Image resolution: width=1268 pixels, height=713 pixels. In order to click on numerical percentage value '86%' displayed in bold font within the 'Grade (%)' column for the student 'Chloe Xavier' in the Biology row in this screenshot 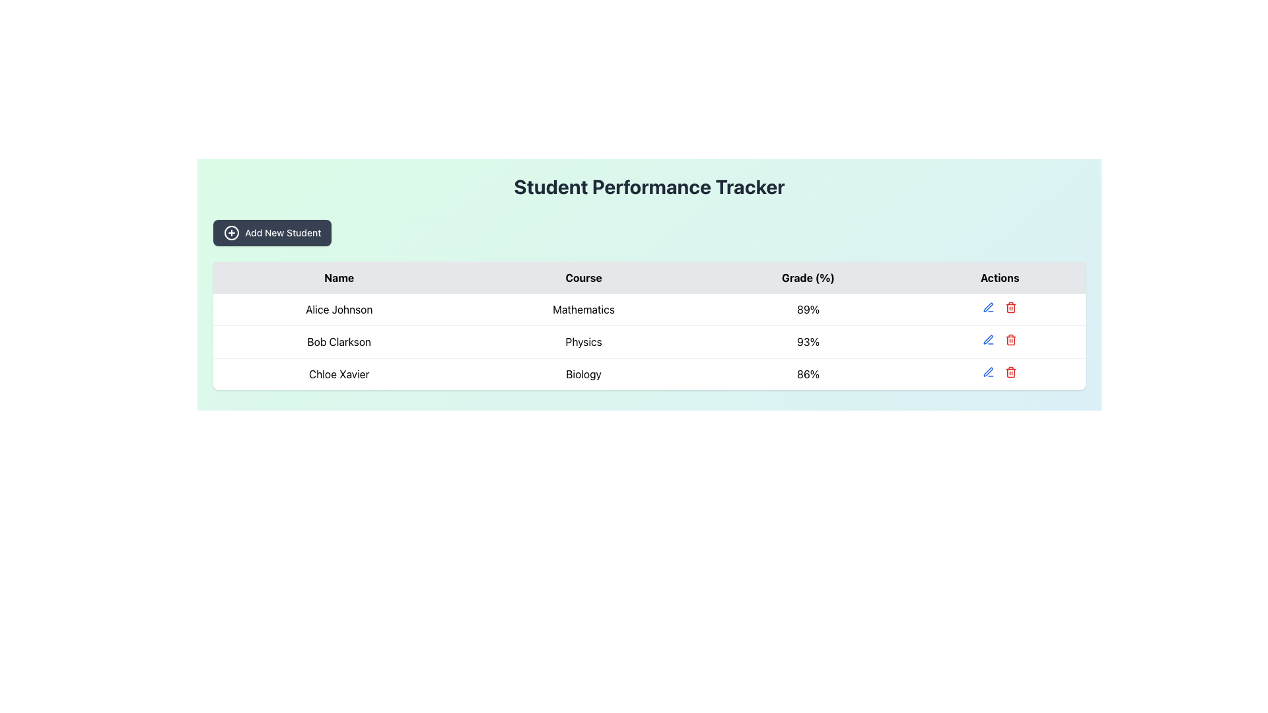, I will do `click(808, 374)`.